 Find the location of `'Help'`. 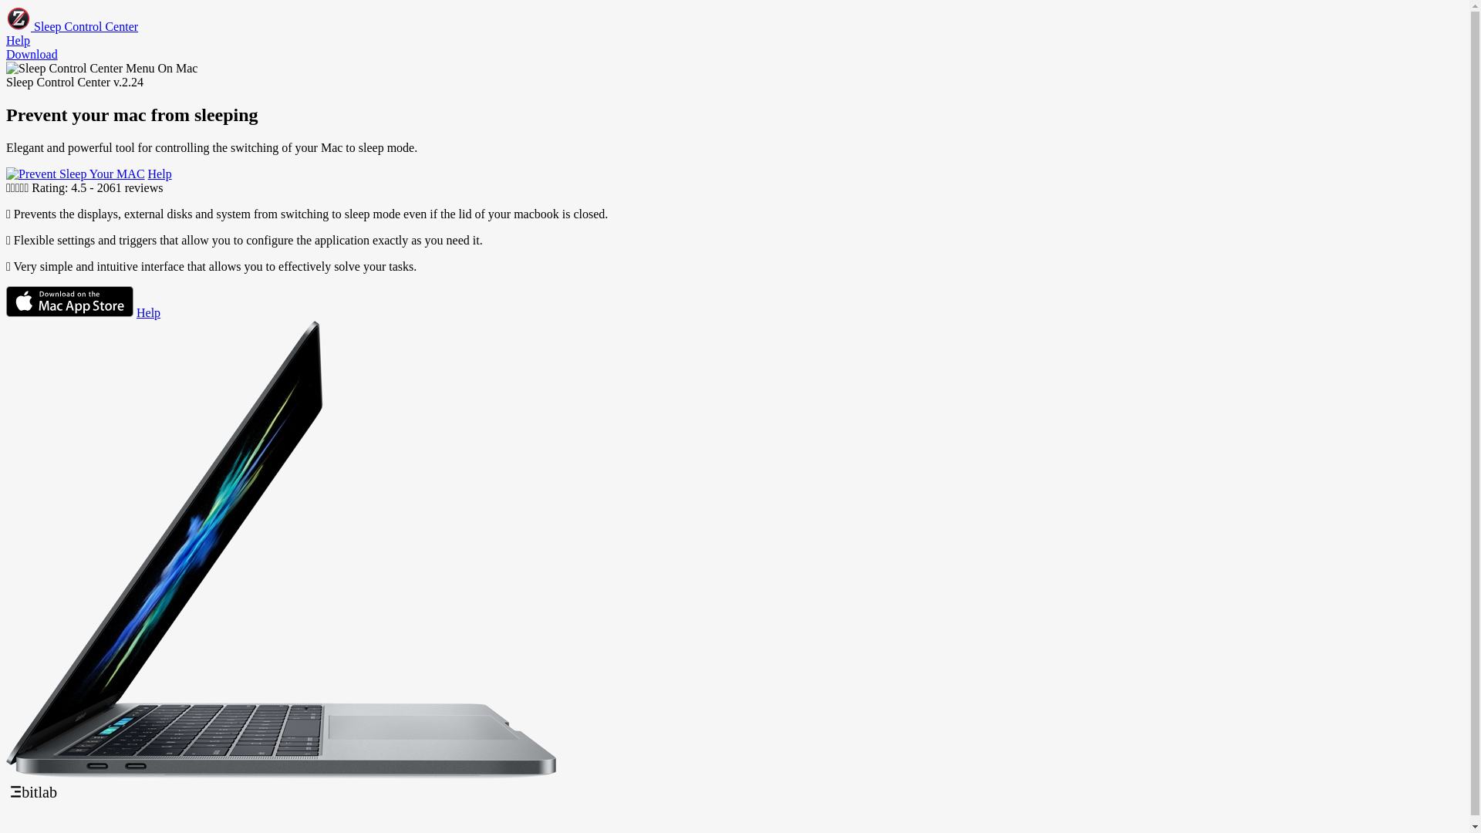

'Help' is located at coordinates (148, 312).